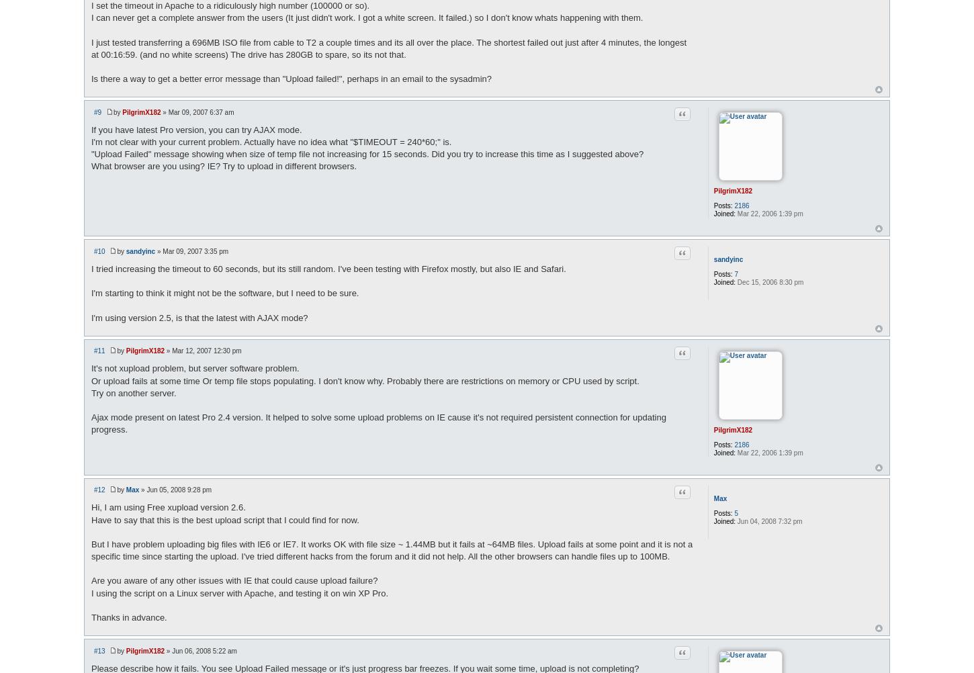 The width and height of the screenshot is (974, 673). Describe the element at coordinates (378, 422) in the screenshot. I see `'Ajax mode present on latest Pro 2.4 version. It helped to solve some upload problems on IE cause it's not required persistent connection for updating progress.'` at that location.